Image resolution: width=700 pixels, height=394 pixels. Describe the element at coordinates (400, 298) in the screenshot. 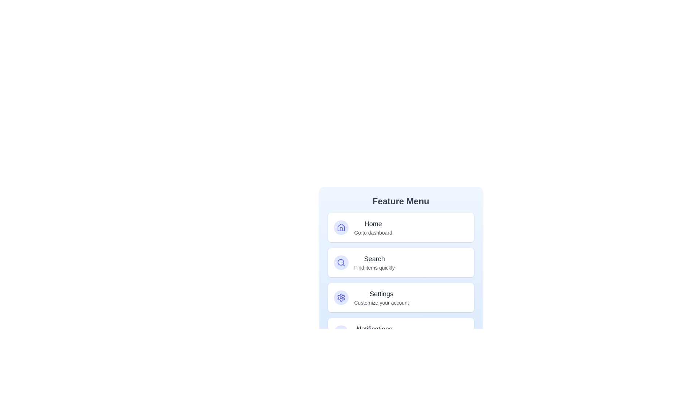

I see `the option Settings to see its hover effect` at that location.